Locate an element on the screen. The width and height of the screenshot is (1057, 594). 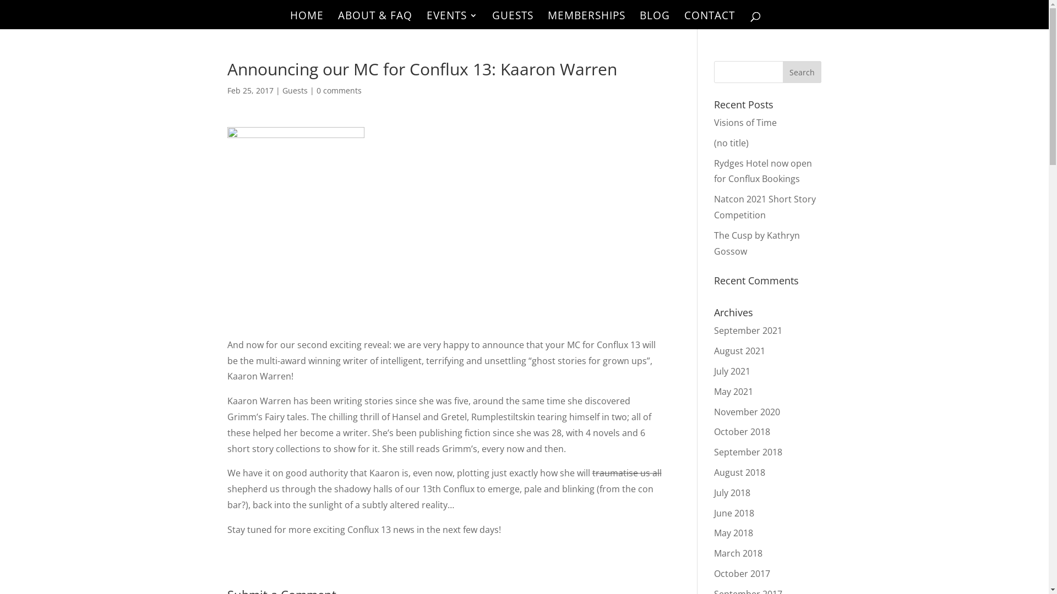
'May 2021' is located at coordinates (713, 391).